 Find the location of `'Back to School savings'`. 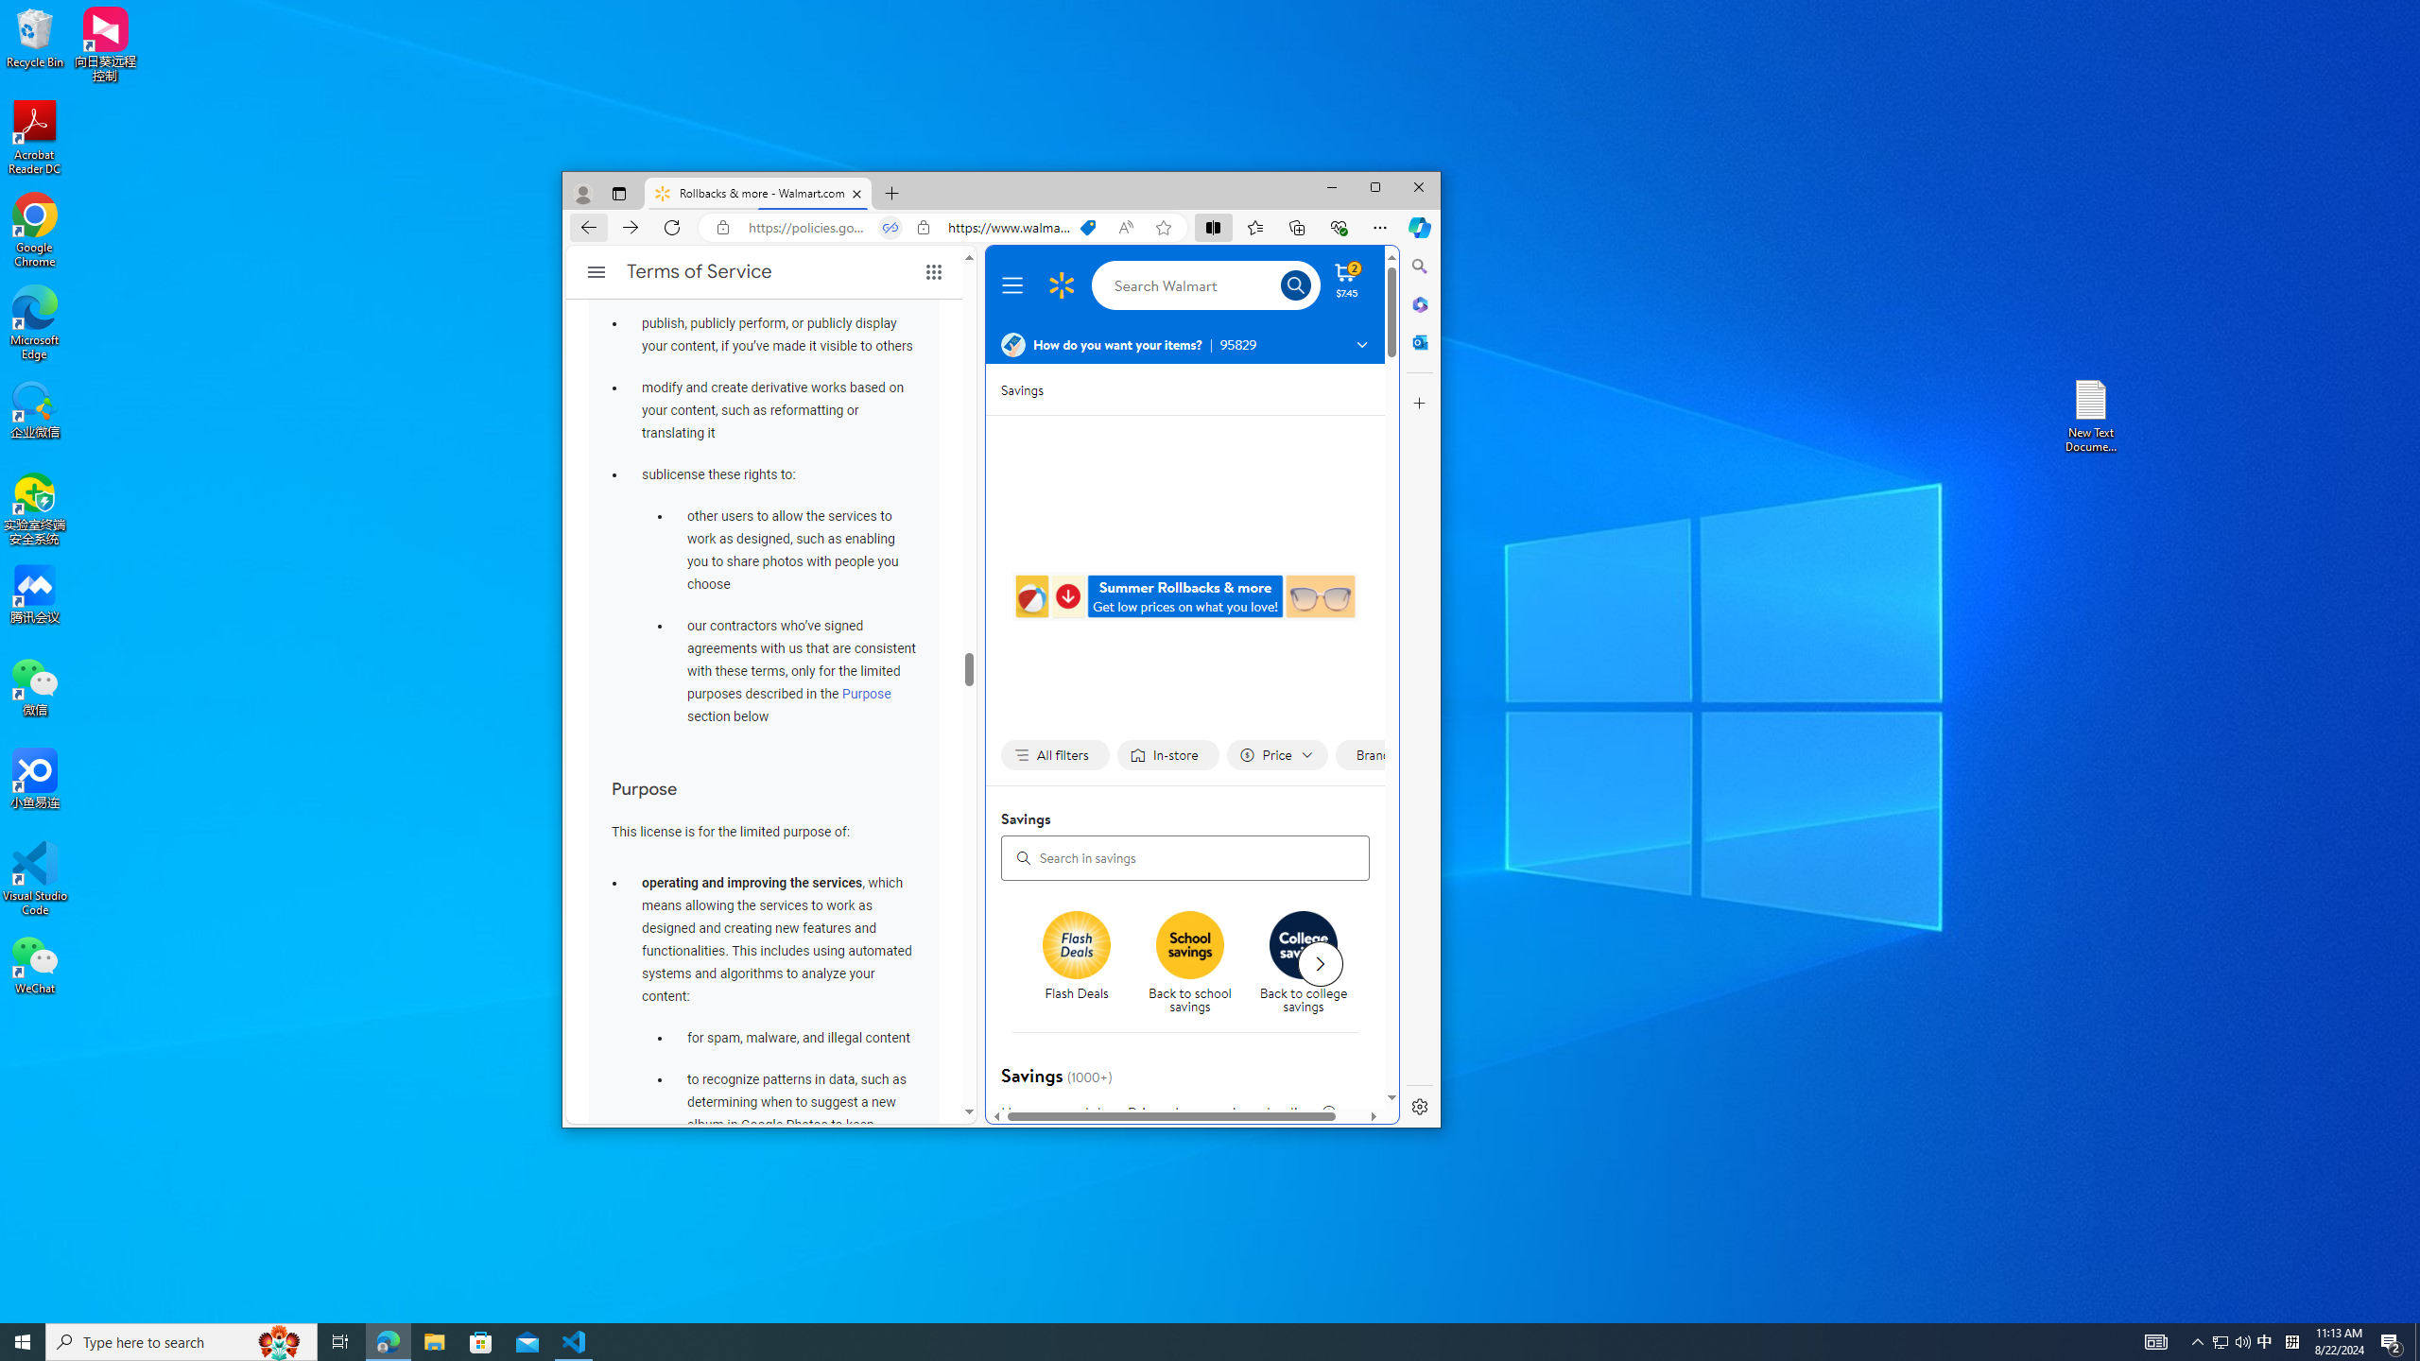

'Back to School savings' is located at coordinates (1190, 944).